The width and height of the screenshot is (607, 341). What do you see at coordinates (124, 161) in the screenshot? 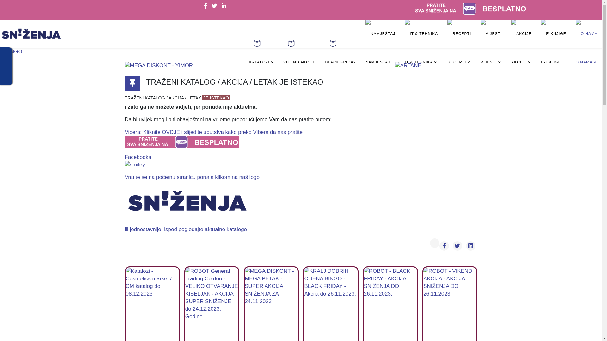
I see `'Facebooka:'` at bounding box center [124, 161].